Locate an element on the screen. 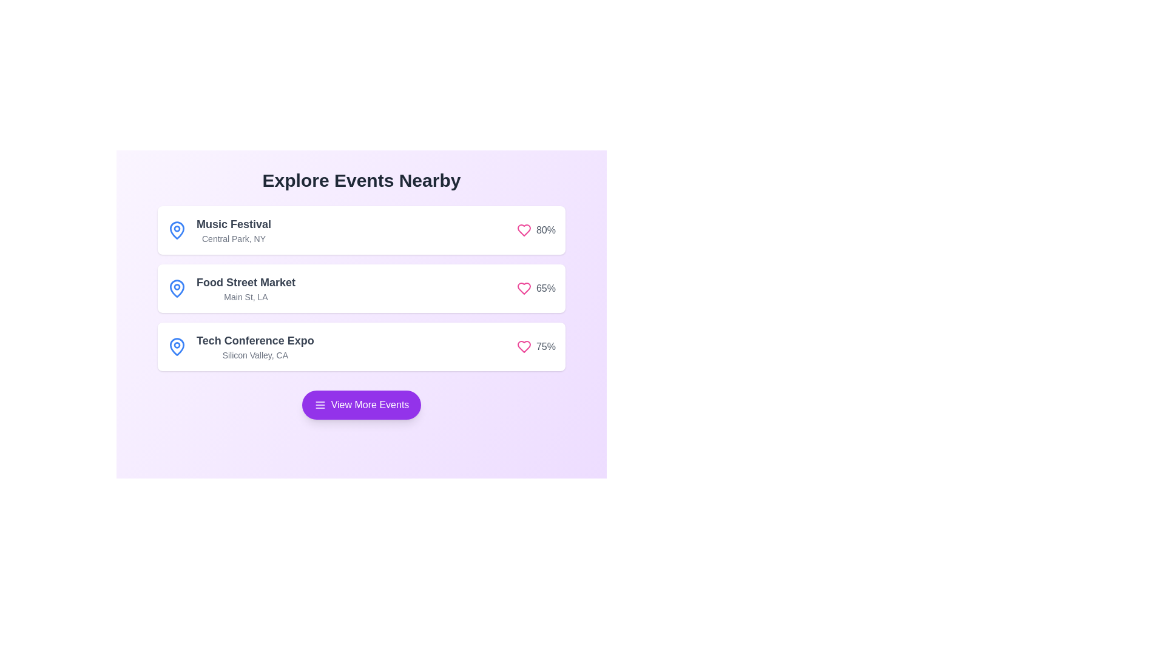  the favorite icon located to the far right of the 'Food Street Market' item in the center column, which represents a like action is located at coordinates (524, 346).